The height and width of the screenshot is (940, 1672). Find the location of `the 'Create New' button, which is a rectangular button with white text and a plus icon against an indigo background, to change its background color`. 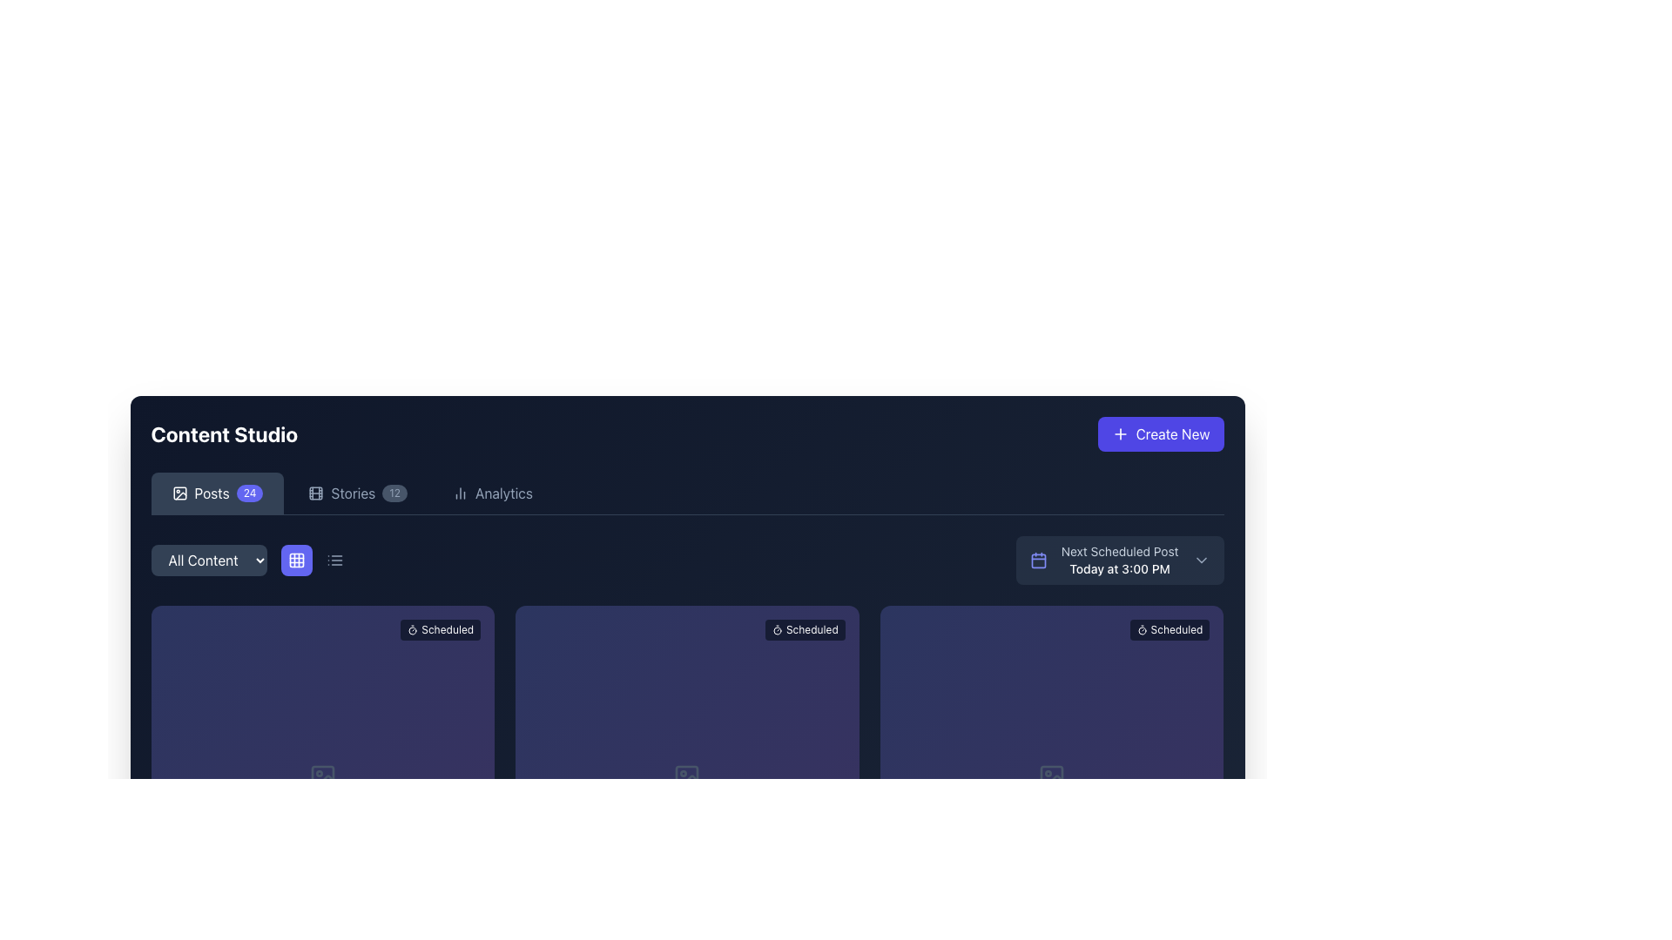

the 'Create New' button, which is a rectangular button with white text and a plus icon against an indigo background, to change its background color is located at coordinates (1161, 433).